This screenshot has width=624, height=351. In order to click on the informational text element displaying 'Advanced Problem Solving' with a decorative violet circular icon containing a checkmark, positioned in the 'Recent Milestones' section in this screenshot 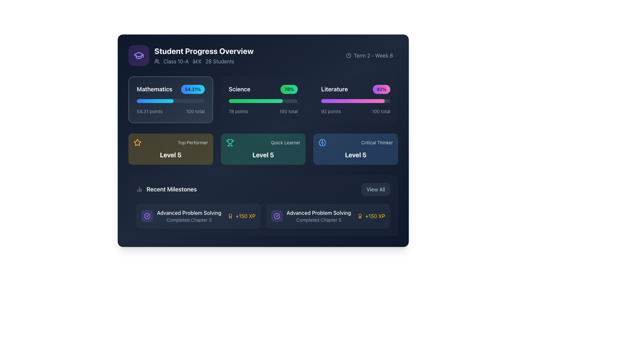, I will do `click(181, 216)`.